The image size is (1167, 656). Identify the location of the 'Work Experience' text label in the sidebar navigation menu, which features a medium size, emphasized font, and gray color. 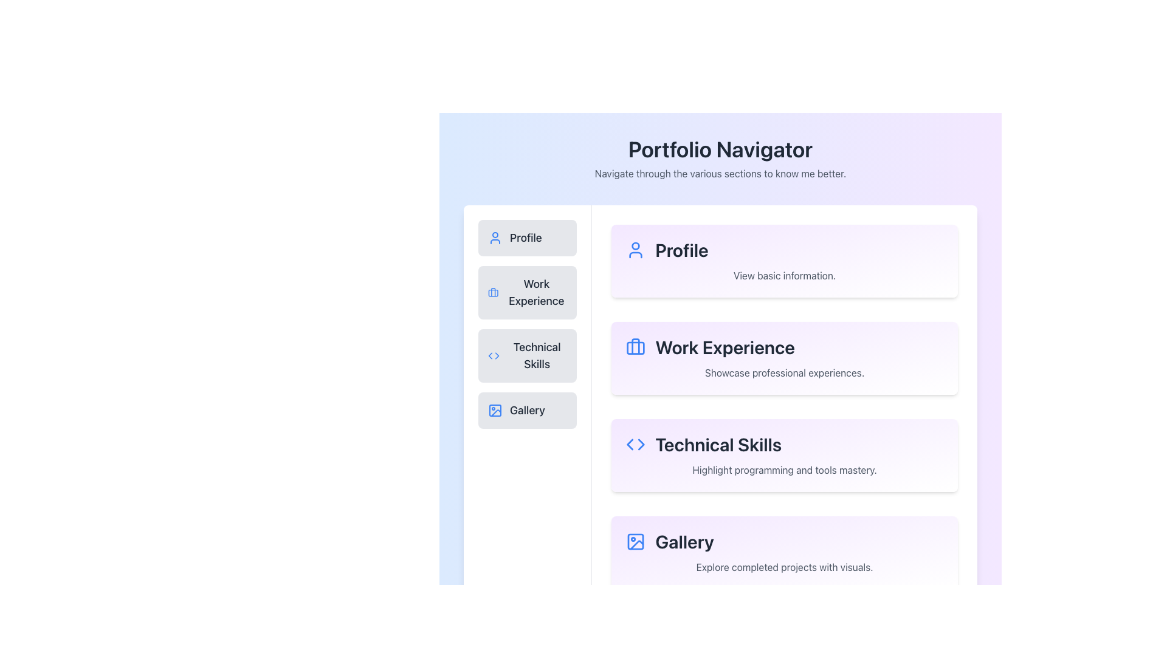
(535, 293).